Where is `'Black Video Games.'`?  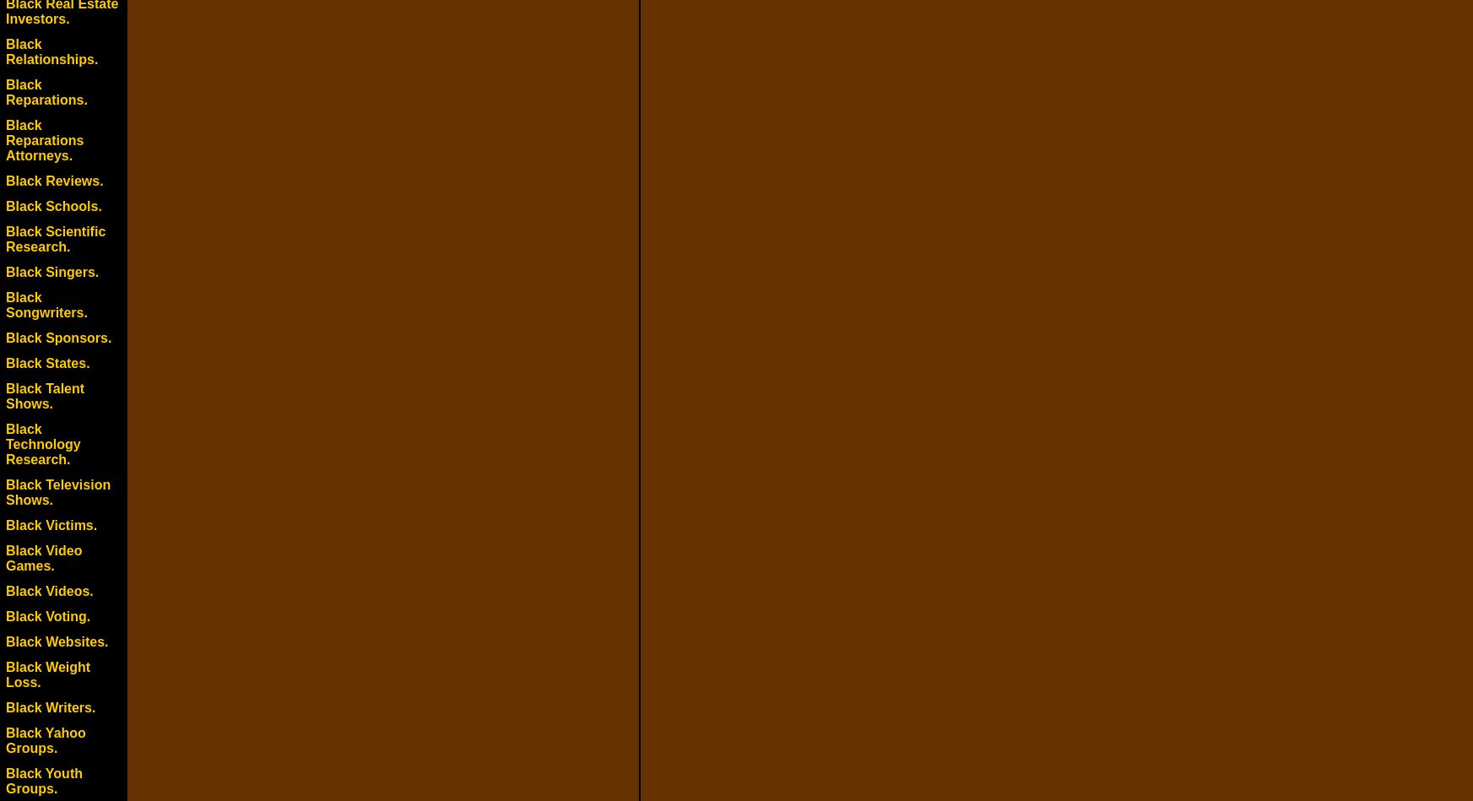
'Black Video Games.' is located at coordinates (43, 558).